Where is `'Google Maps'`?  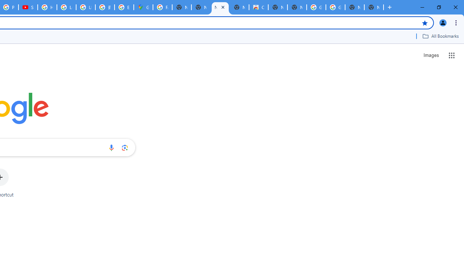
'Google Maps' is located at coordinates (143, 7).